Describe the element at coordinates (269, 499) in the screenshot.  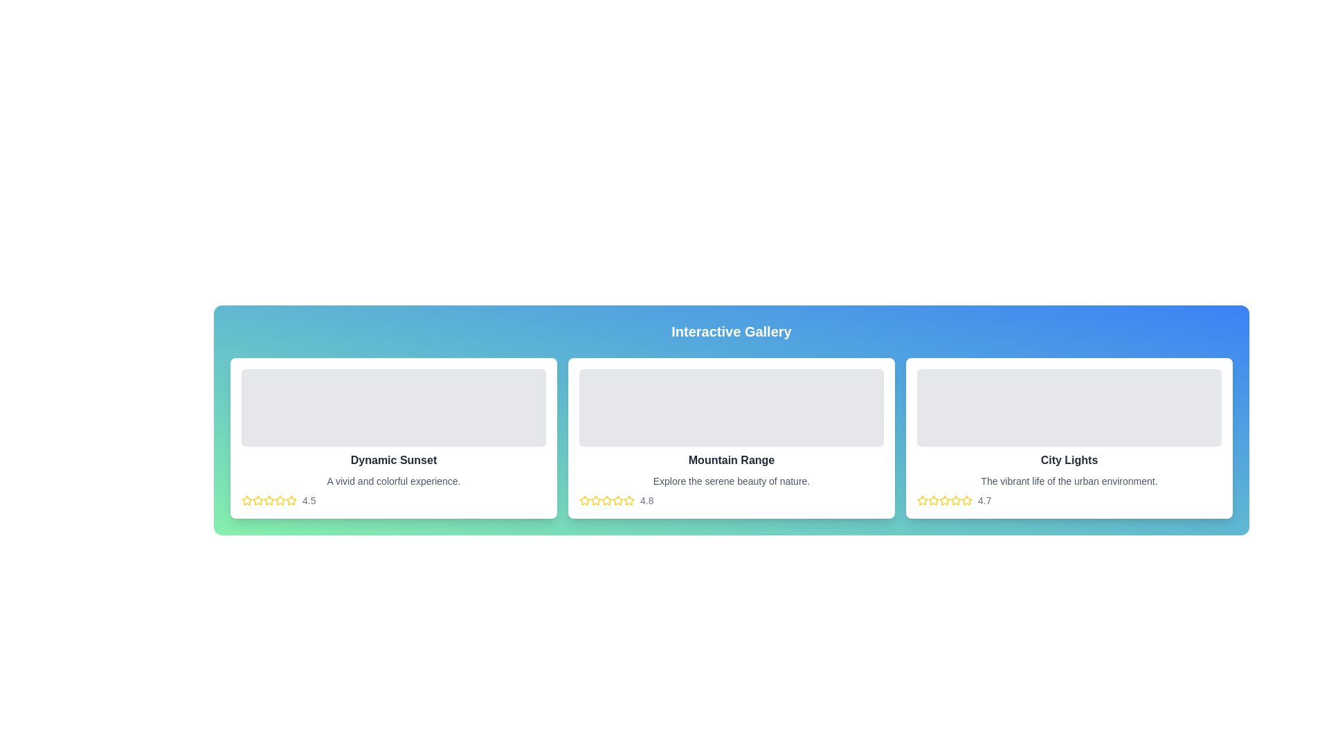
I see `the second star-shaped rating icon with a yellow fill and black outline under the 'Dynamic Sunset' card in the interactive gallery to interact` at that location.